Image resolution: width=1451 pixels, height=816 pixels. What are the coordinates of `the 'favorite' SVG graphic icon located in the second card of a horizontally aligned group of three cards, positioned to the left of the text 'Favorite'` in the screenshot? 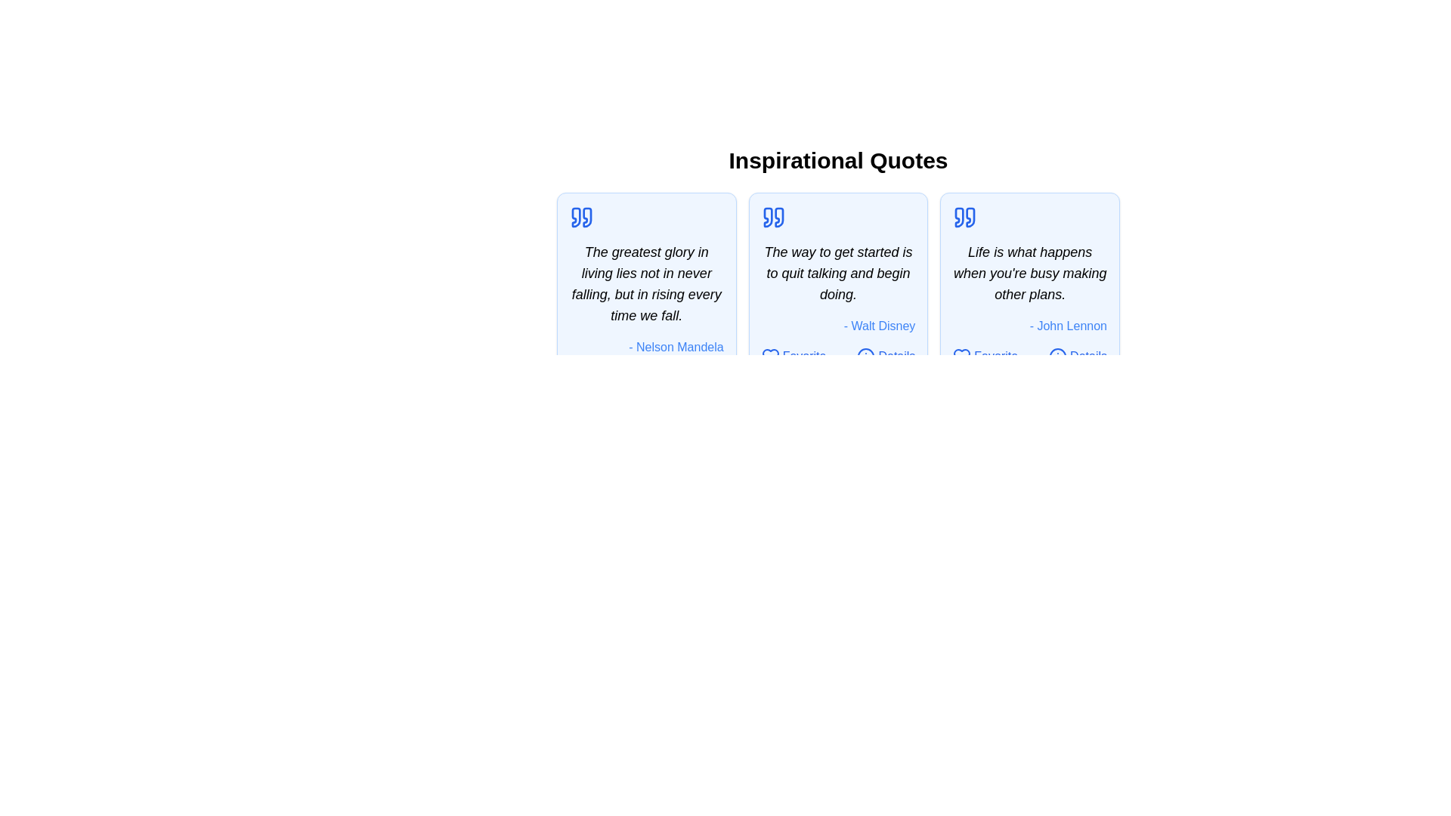 It's located at (770, 356).